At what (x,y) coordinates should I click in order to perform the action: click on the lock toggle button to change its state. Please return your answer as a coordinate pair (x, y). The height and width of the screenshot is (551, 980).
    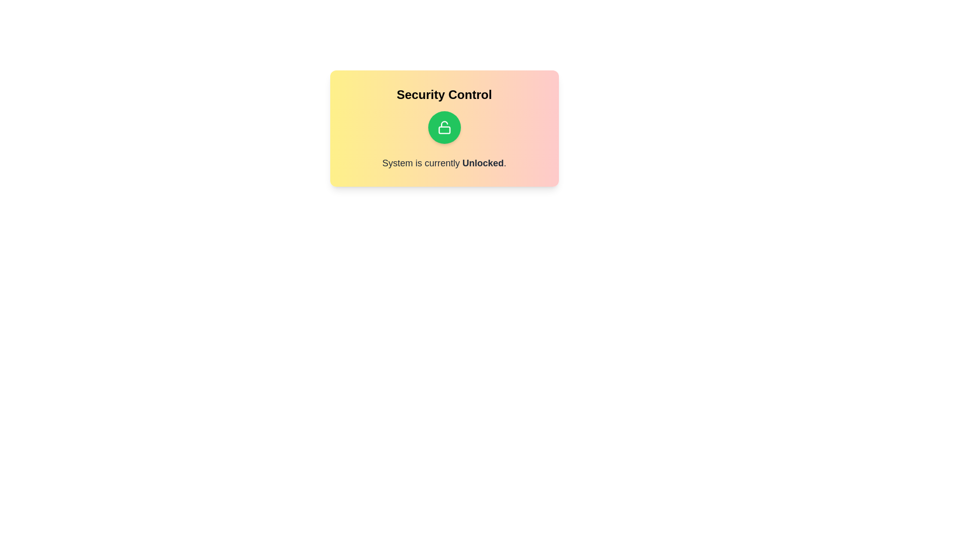
    Looking at the image, I should click on (444, 127).